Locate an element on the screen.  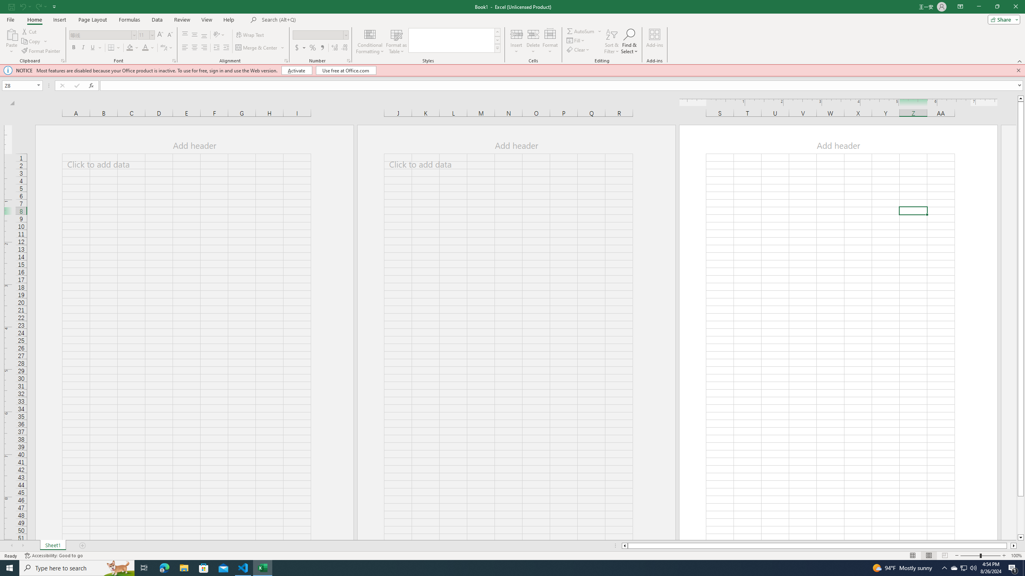
'AutomationID: CellStylesGallery' is located at coordinates (454, 40).